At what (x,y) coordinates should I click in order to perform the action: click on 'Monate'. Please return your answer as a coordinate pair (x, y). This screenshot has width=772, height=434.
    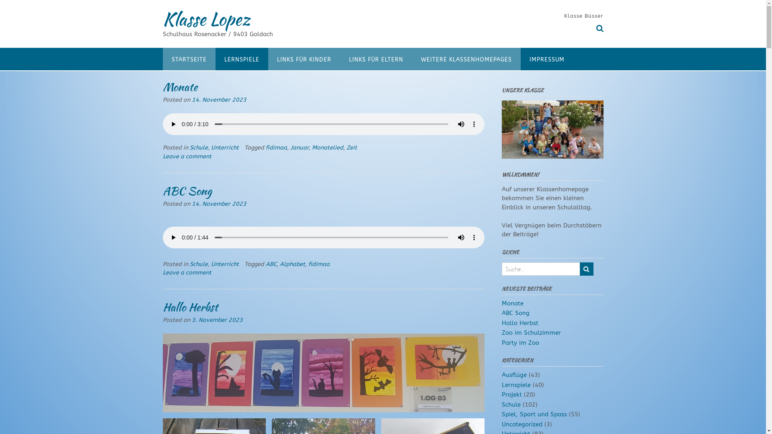
    Looking at the image, I should click on (512, 303).